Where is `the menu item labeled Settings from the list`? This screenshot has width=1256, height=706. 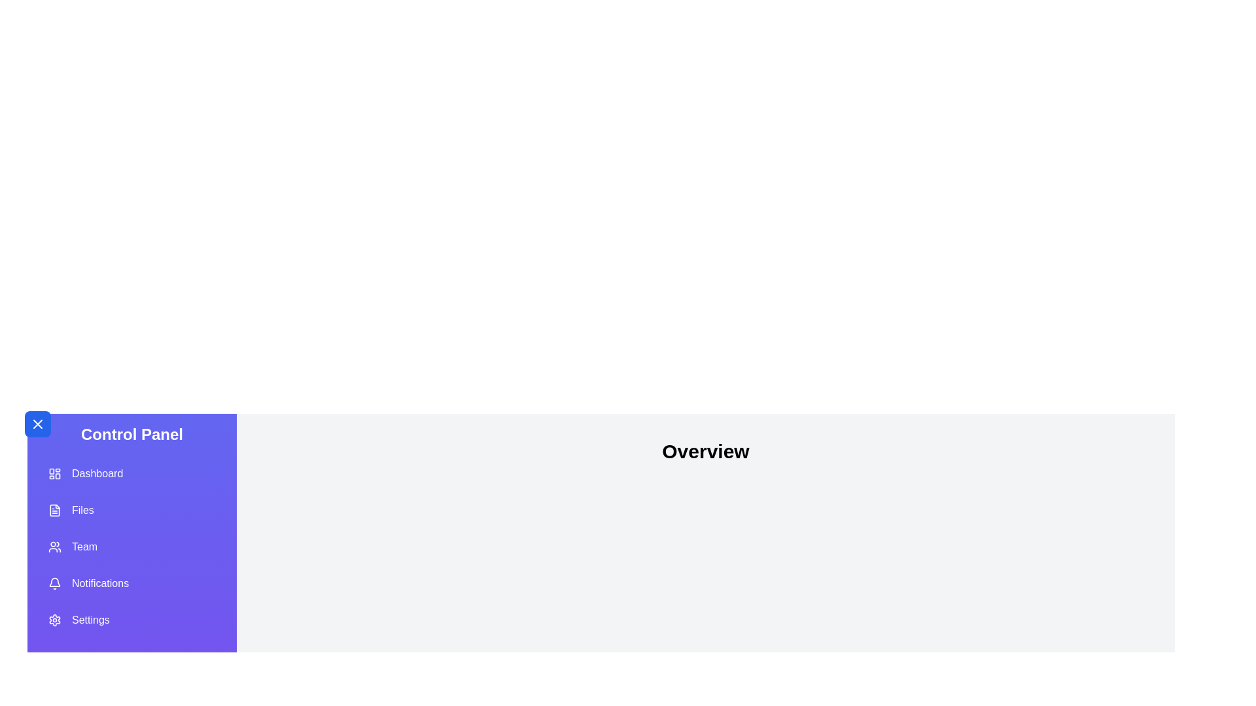 the menu item labeled Settings from the list is located at coordinates (131, 619).